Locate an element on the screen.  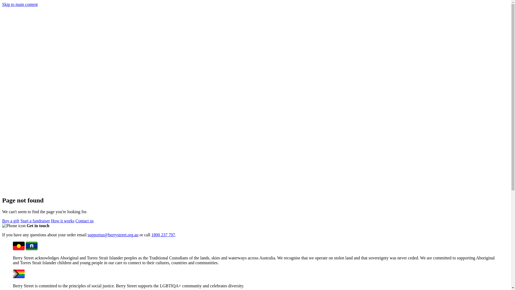
'Skip to main content' is located at coordinates (20, 4).